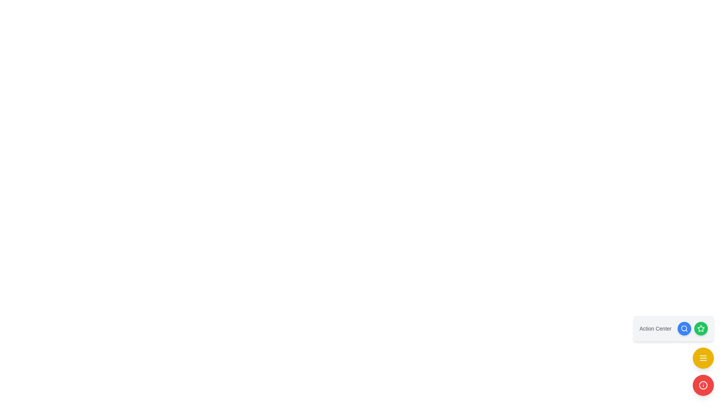 This screenshot has width=726, height=408. What do you see at coordinates (700, 328) in the screenshot?
I see `the third round button with a green background and a white star icon to change its visual appearance` at bounding box center [700, 328].